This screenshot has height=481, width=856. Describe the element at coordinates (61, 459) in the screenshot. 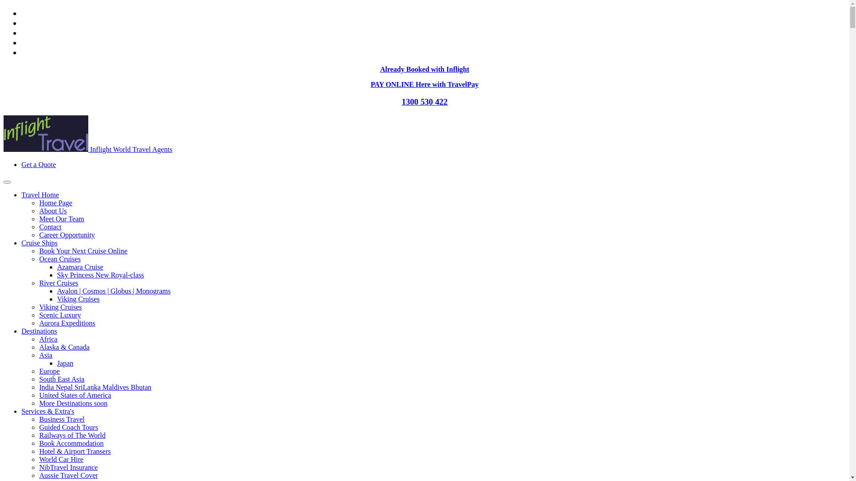

I see `'World Car Hire'` at that location.